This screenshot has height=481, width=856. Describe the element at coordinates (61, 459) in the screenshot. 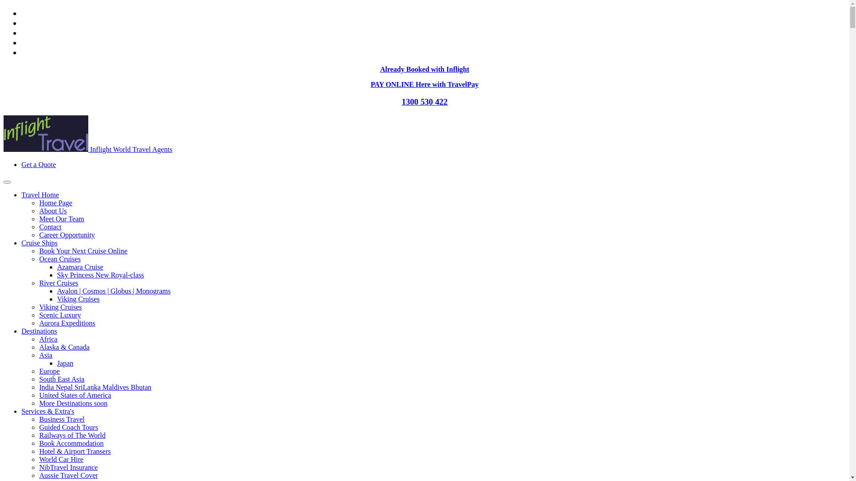

I see `'World Car Hire'` at that location.